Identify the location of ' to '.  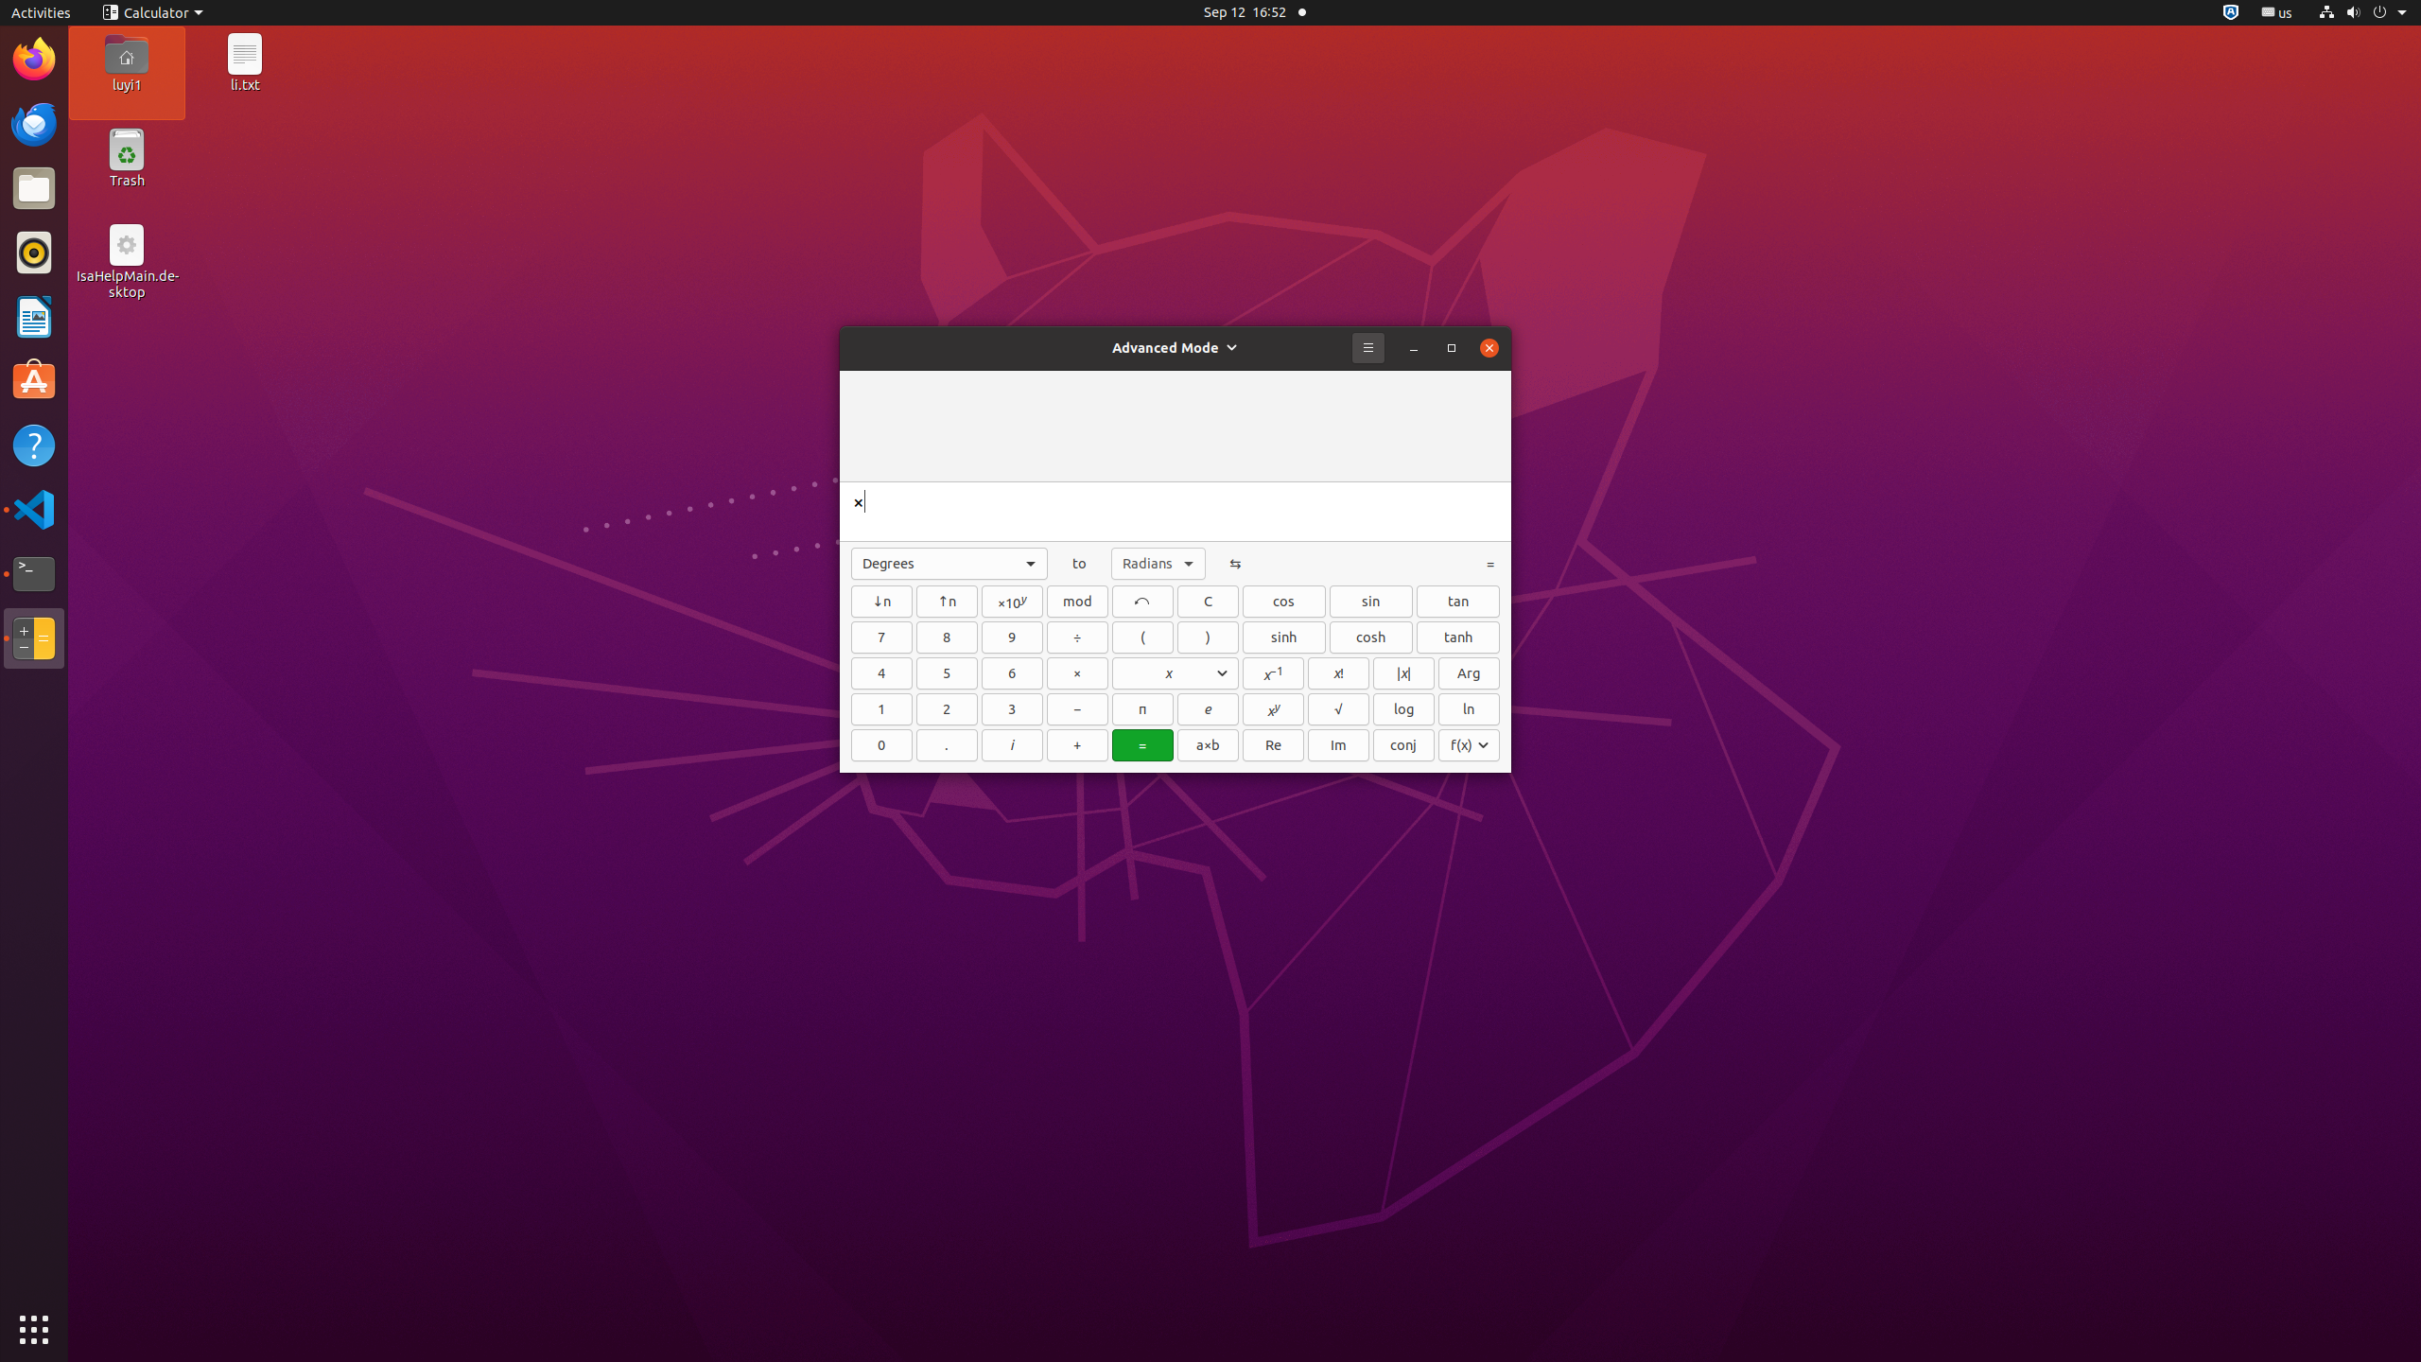
(1079, 563).